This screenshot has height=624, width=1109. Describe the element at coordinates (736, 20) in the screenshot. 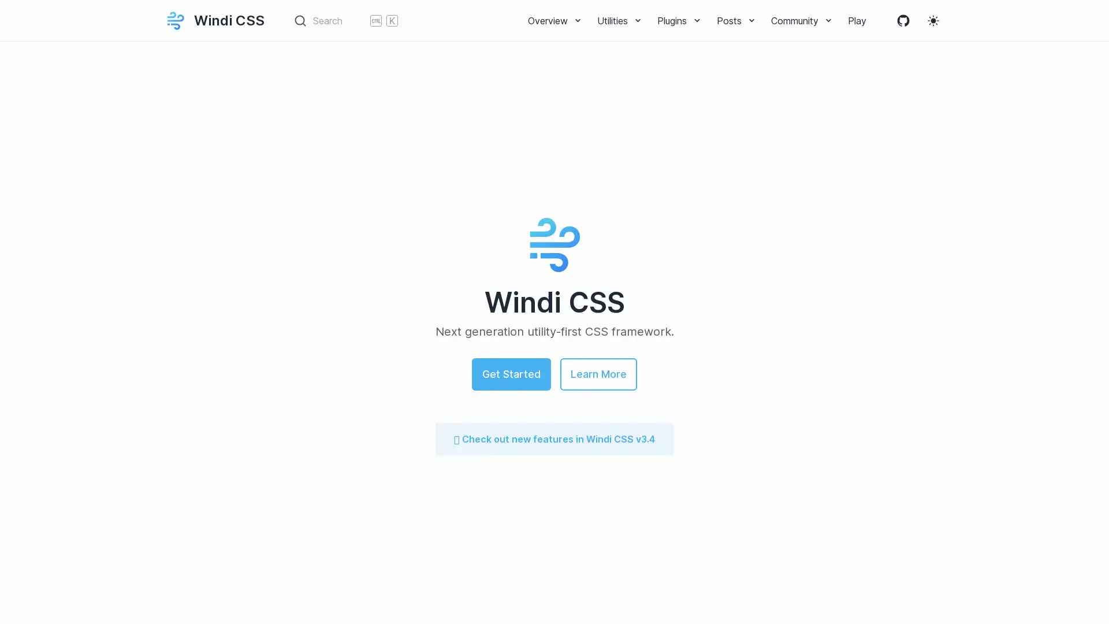

I see `Posts` at that location.